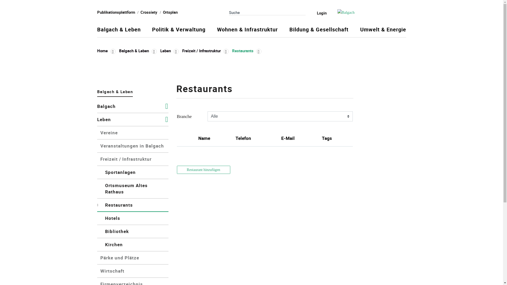  What do you see at coordinates (97, 107) in the screenshot?
I see `'Balgach'` at bounding box center [97, 107].